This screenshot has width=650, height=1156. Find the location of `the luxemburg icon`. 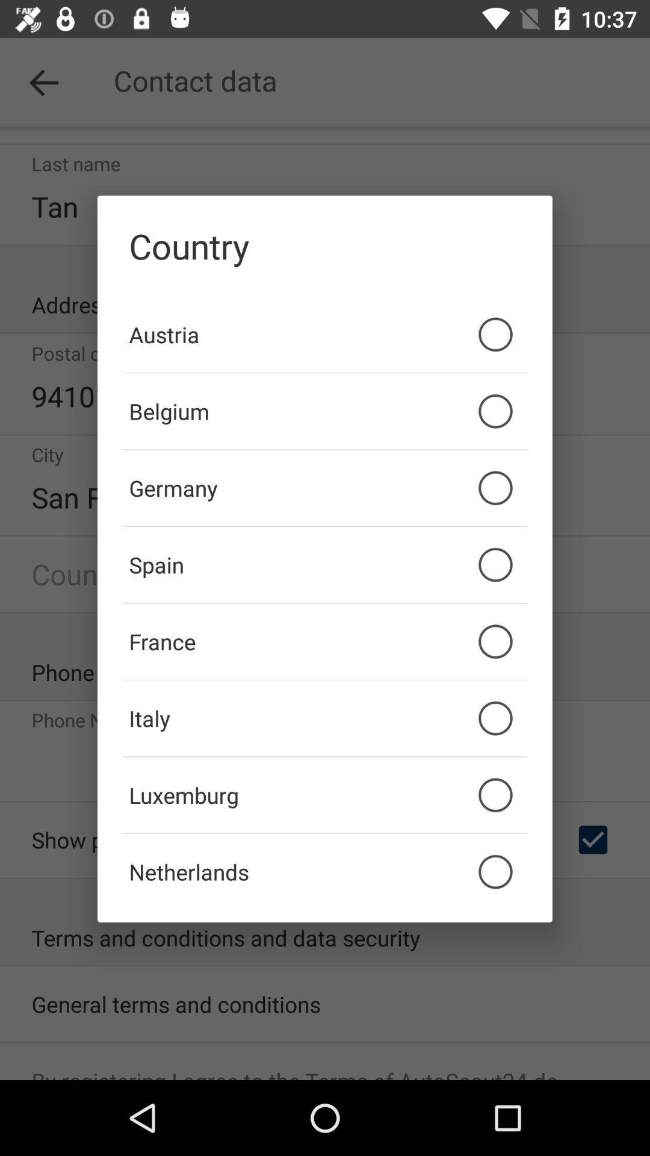

the luxemburg icon is located at coordinates (325, 795).